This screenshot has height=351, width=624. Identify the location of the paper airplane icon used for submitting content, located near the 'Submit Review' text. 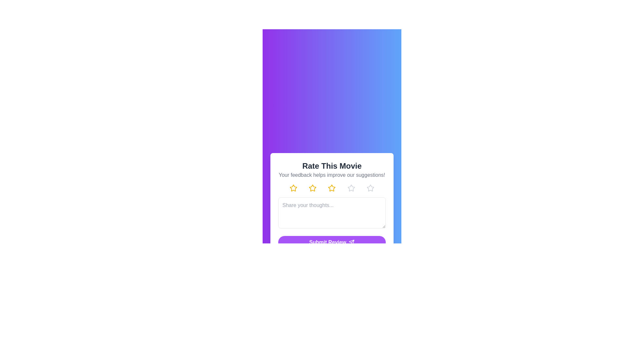
(351, 242).